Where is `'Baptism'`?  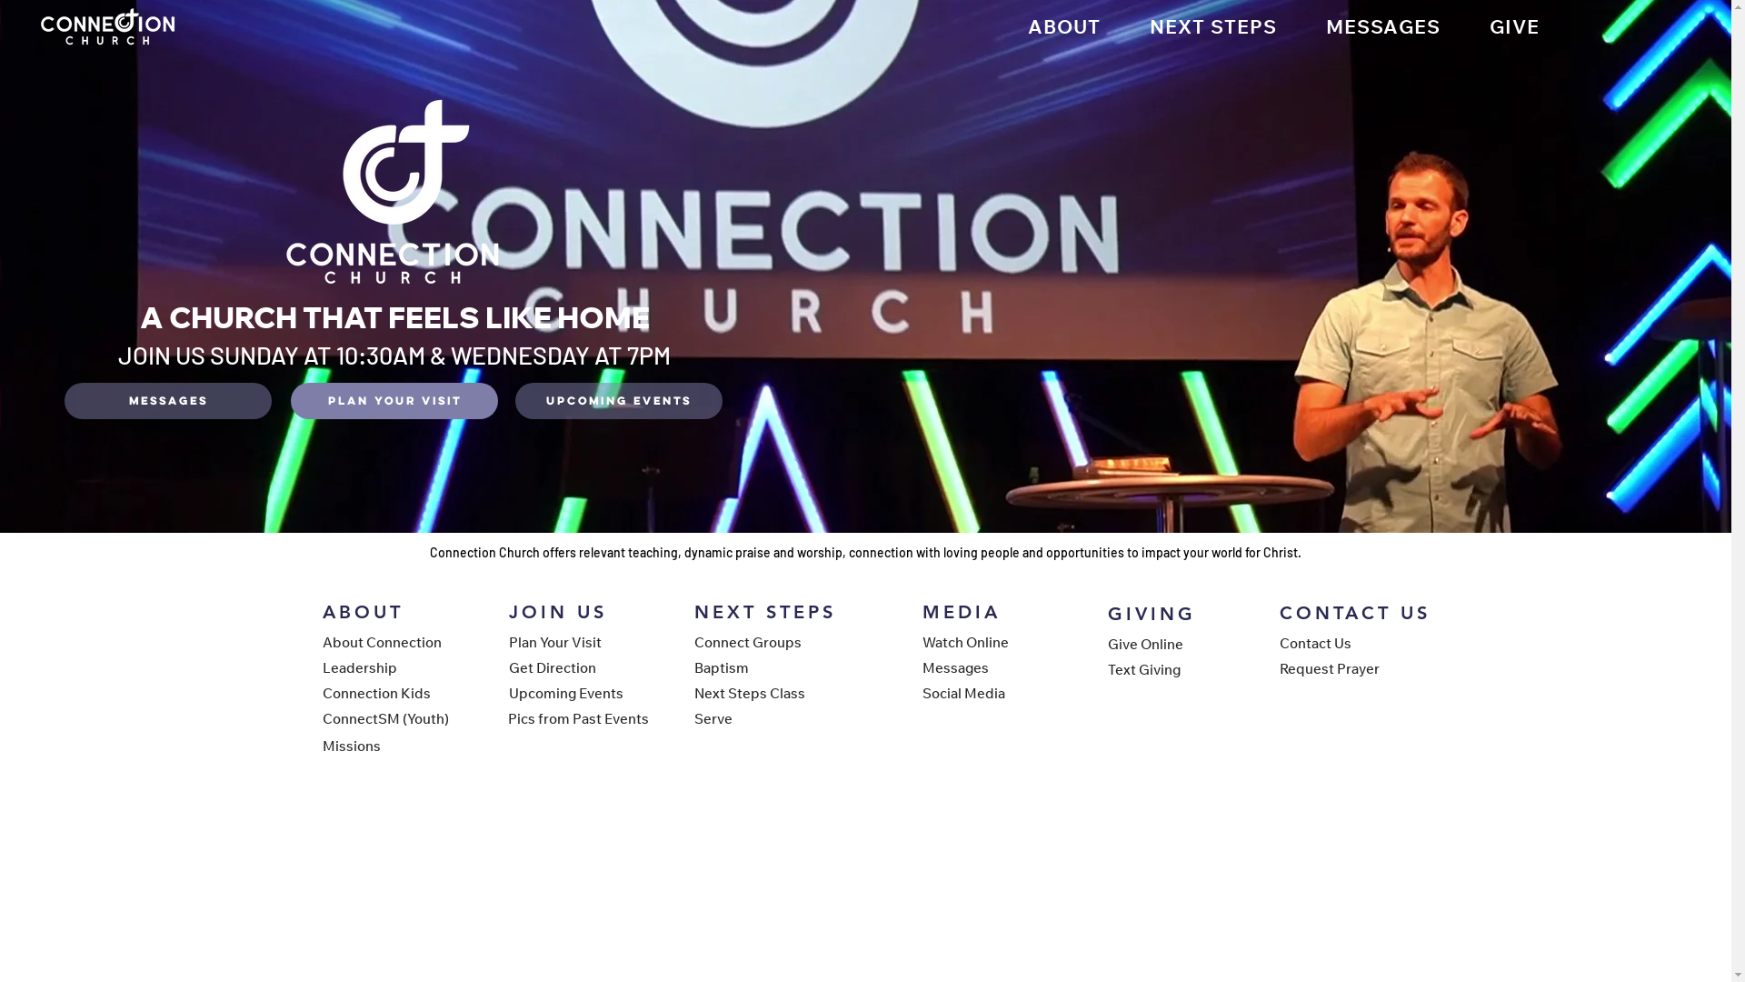
'Baptism' is located at coordinates (759, 666).